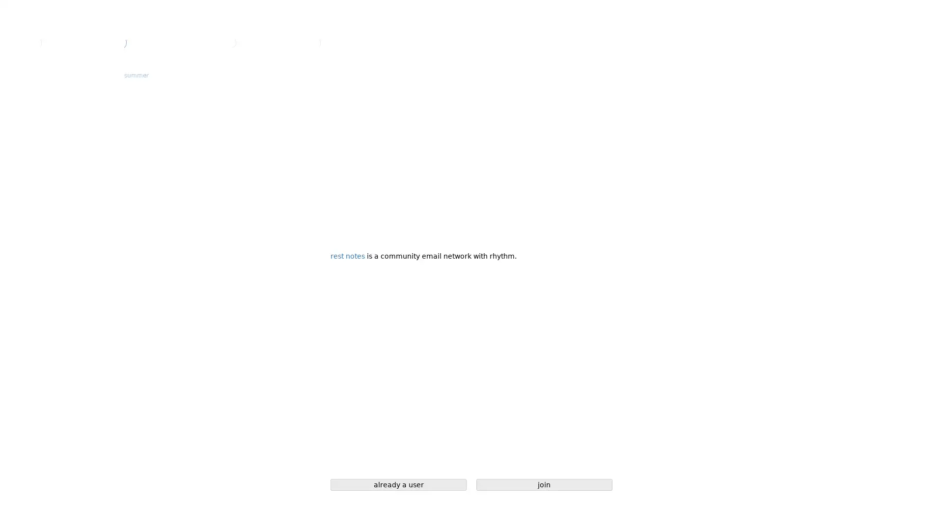  What do you see at coordinates (398, 484) in the screenshot?
I see `already a user` at bounding box center [398, 484].